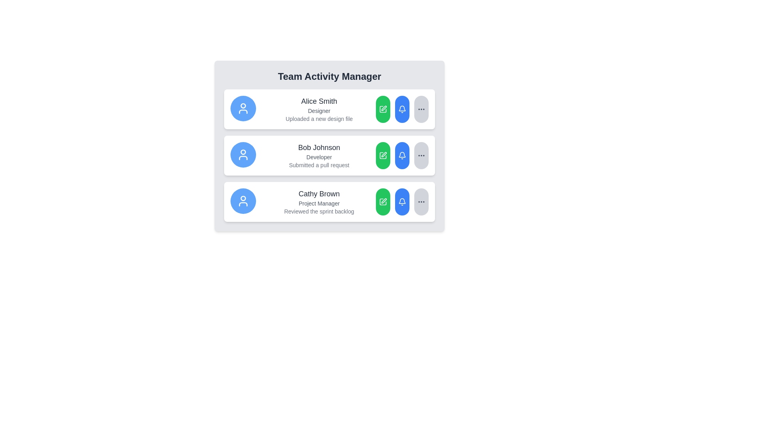  What do you see at coordinates (318, 194) in the screenshot?
I see `the static text display that shows the name of the individual associated with the activity in the third row of the 'Team Activity Manager' interface, positioned above 'Project Manager' and 'Reviewed the sprint backlog'` at bounding box center [318, 194].